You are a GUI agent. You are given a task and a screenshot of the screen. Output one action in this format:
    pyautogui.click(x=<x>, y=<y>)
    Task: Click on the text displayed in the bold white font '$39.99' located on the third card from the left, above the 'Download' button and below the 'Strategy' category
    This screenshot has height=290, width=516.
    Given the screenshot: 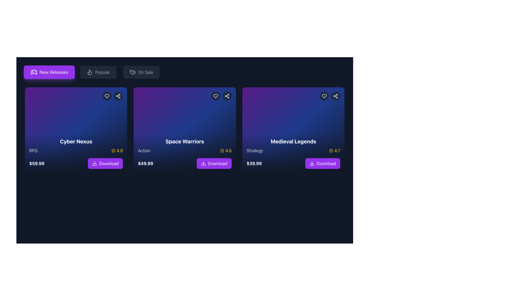 What is the action you would take?
    pyautogui.click(x=254, y=163)
    